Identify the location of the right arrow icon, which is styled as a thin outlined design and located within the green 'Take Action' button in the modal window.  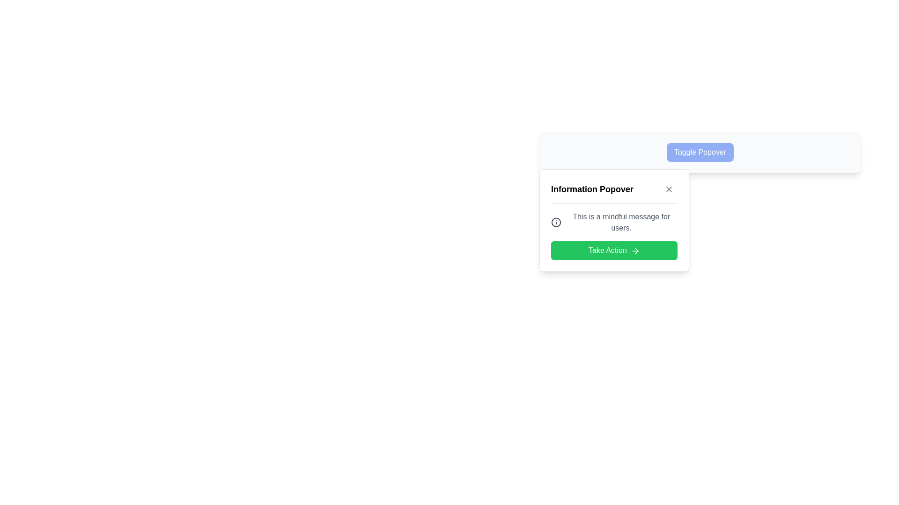
(635, 250).